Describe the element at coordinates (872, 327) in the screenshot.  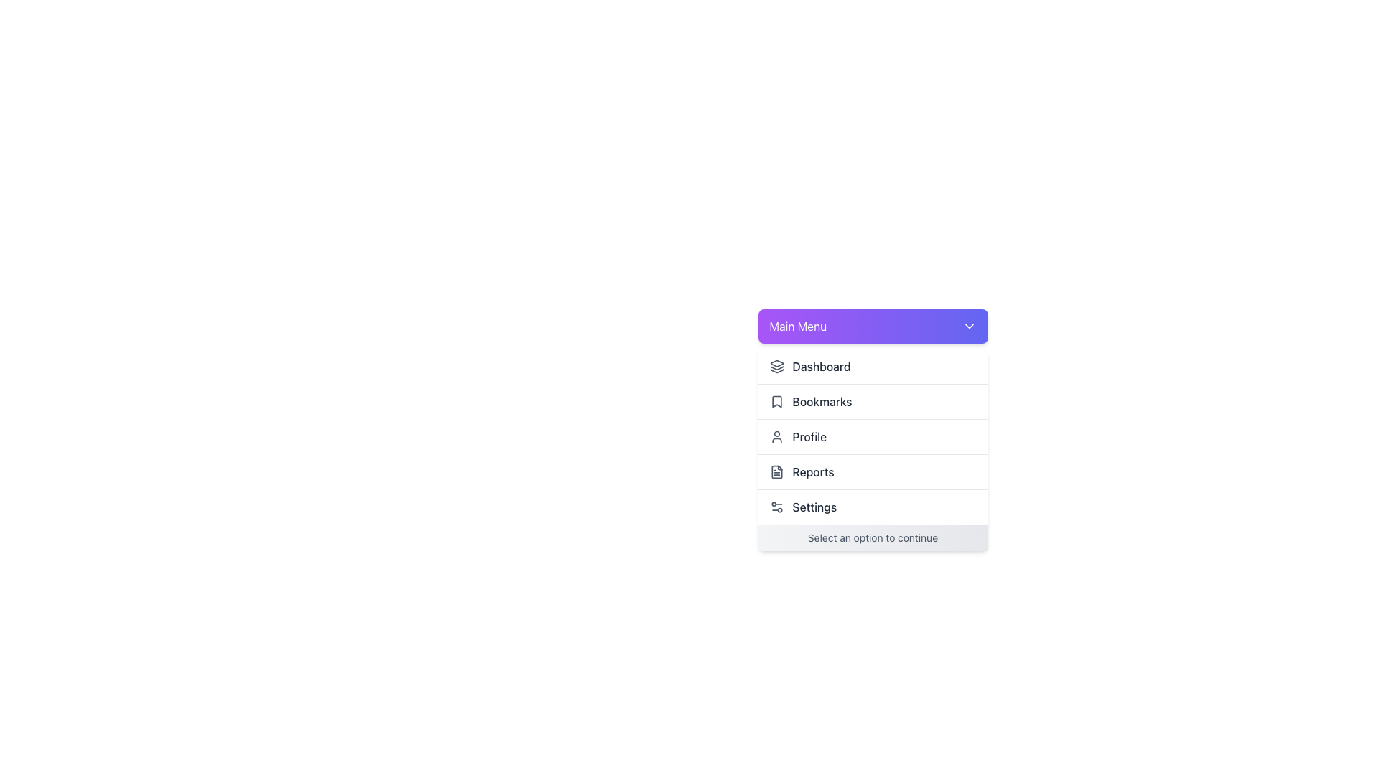
I see `the dropdown toggle button located at the top of the menu interface` at that location.